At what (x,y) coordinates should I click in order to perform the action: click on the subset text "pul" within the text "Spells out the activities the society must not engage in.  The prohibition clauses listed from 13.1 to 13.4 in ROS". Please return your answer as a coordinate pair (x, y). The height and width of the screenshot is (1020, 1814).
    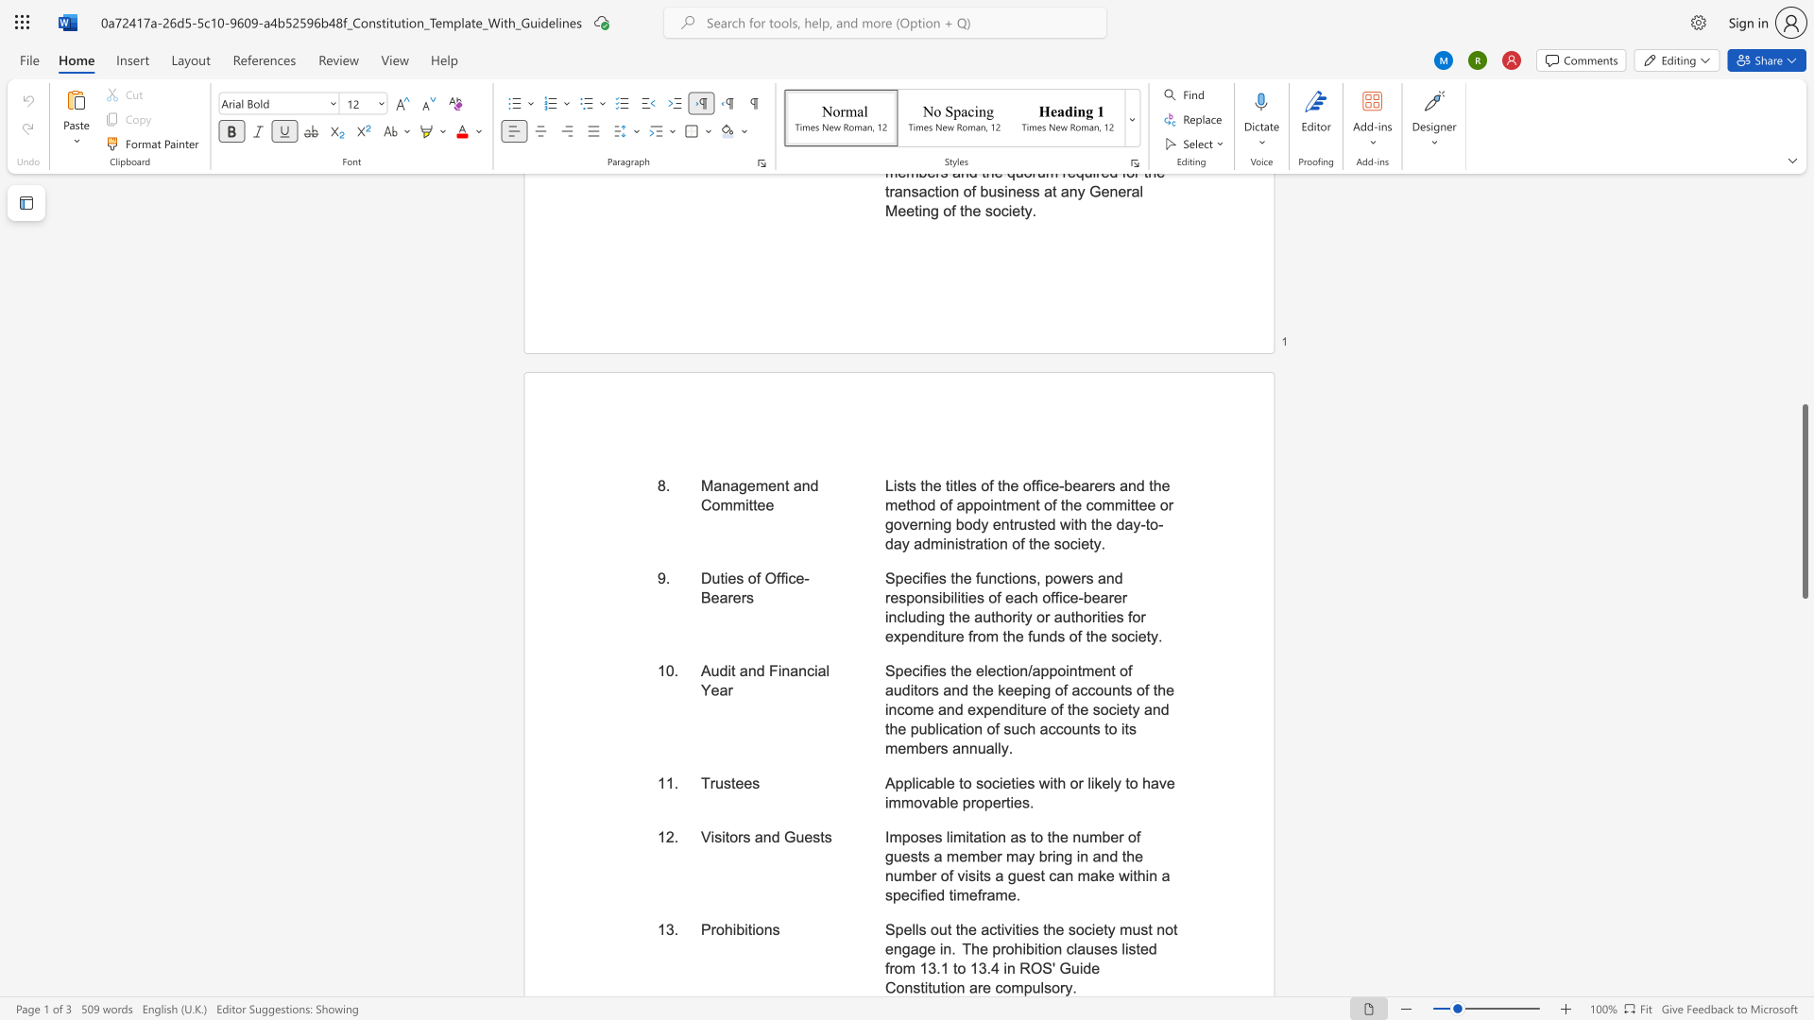
    Looking at the image, I should click on (1022, 986).